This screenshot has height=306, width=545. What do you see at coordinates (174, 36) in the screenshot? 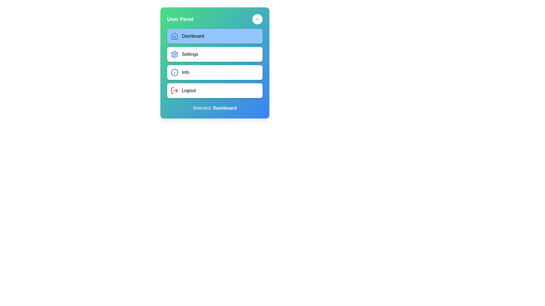
I see `the blue house-shaped icon within the 'Dashboard' button` at bounding box center [174, 36].